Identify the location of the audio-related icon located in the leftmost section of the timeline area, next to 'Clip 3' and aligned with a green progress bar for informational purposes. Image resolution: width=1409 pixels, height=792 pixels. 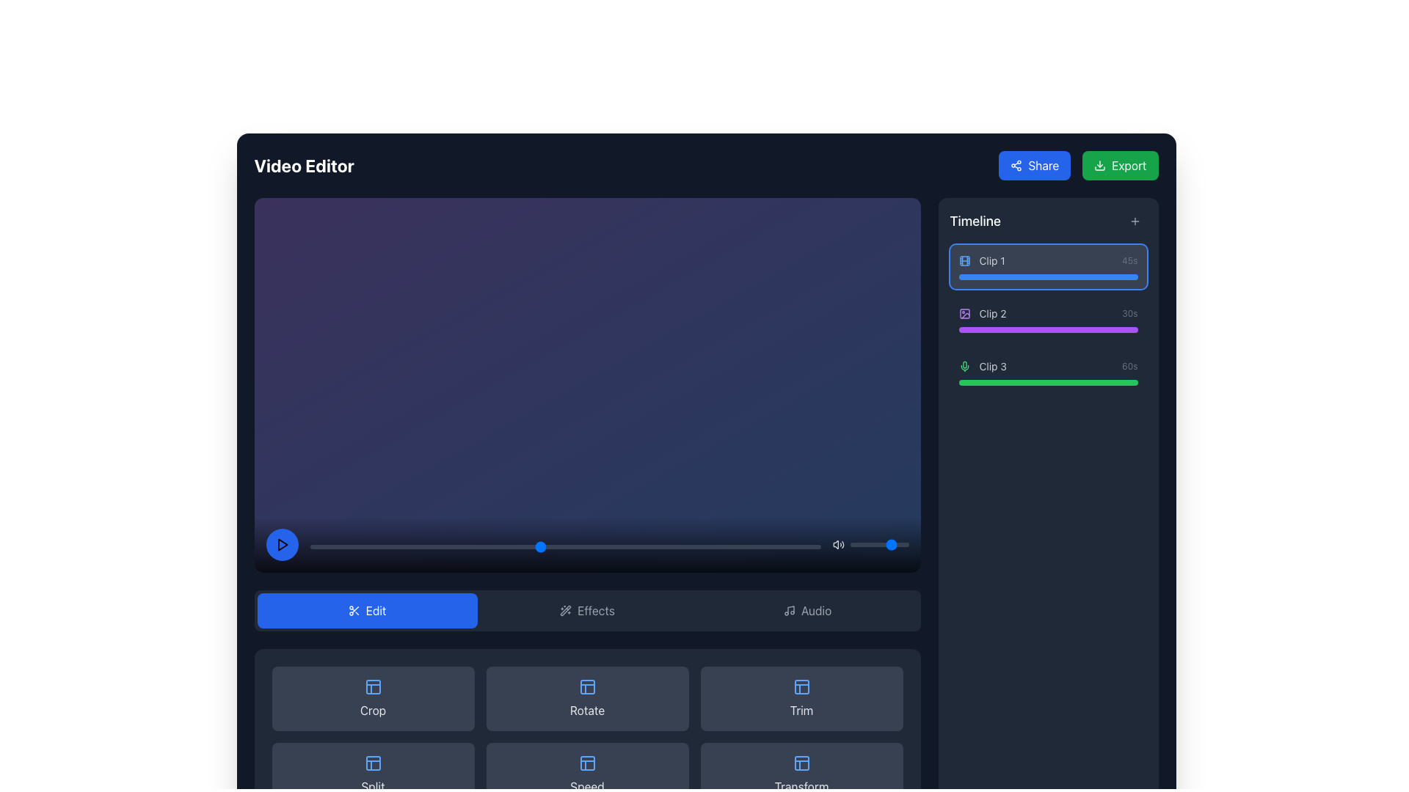
(964, 366).